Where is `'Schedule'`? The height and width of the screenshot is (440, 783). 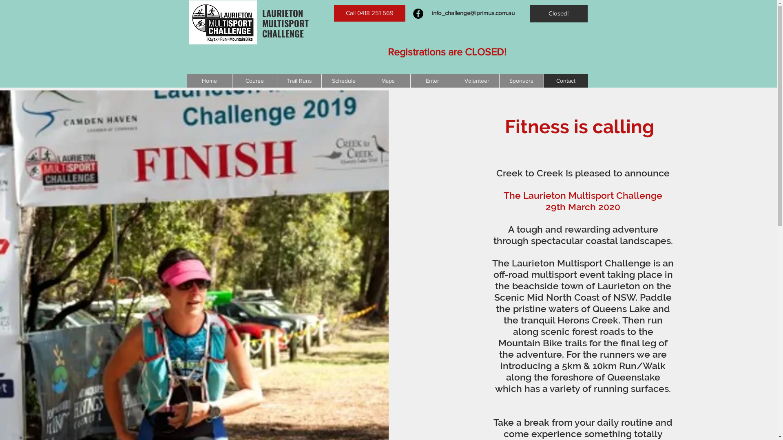
'Schedule' is located at coordinates (321, 81).